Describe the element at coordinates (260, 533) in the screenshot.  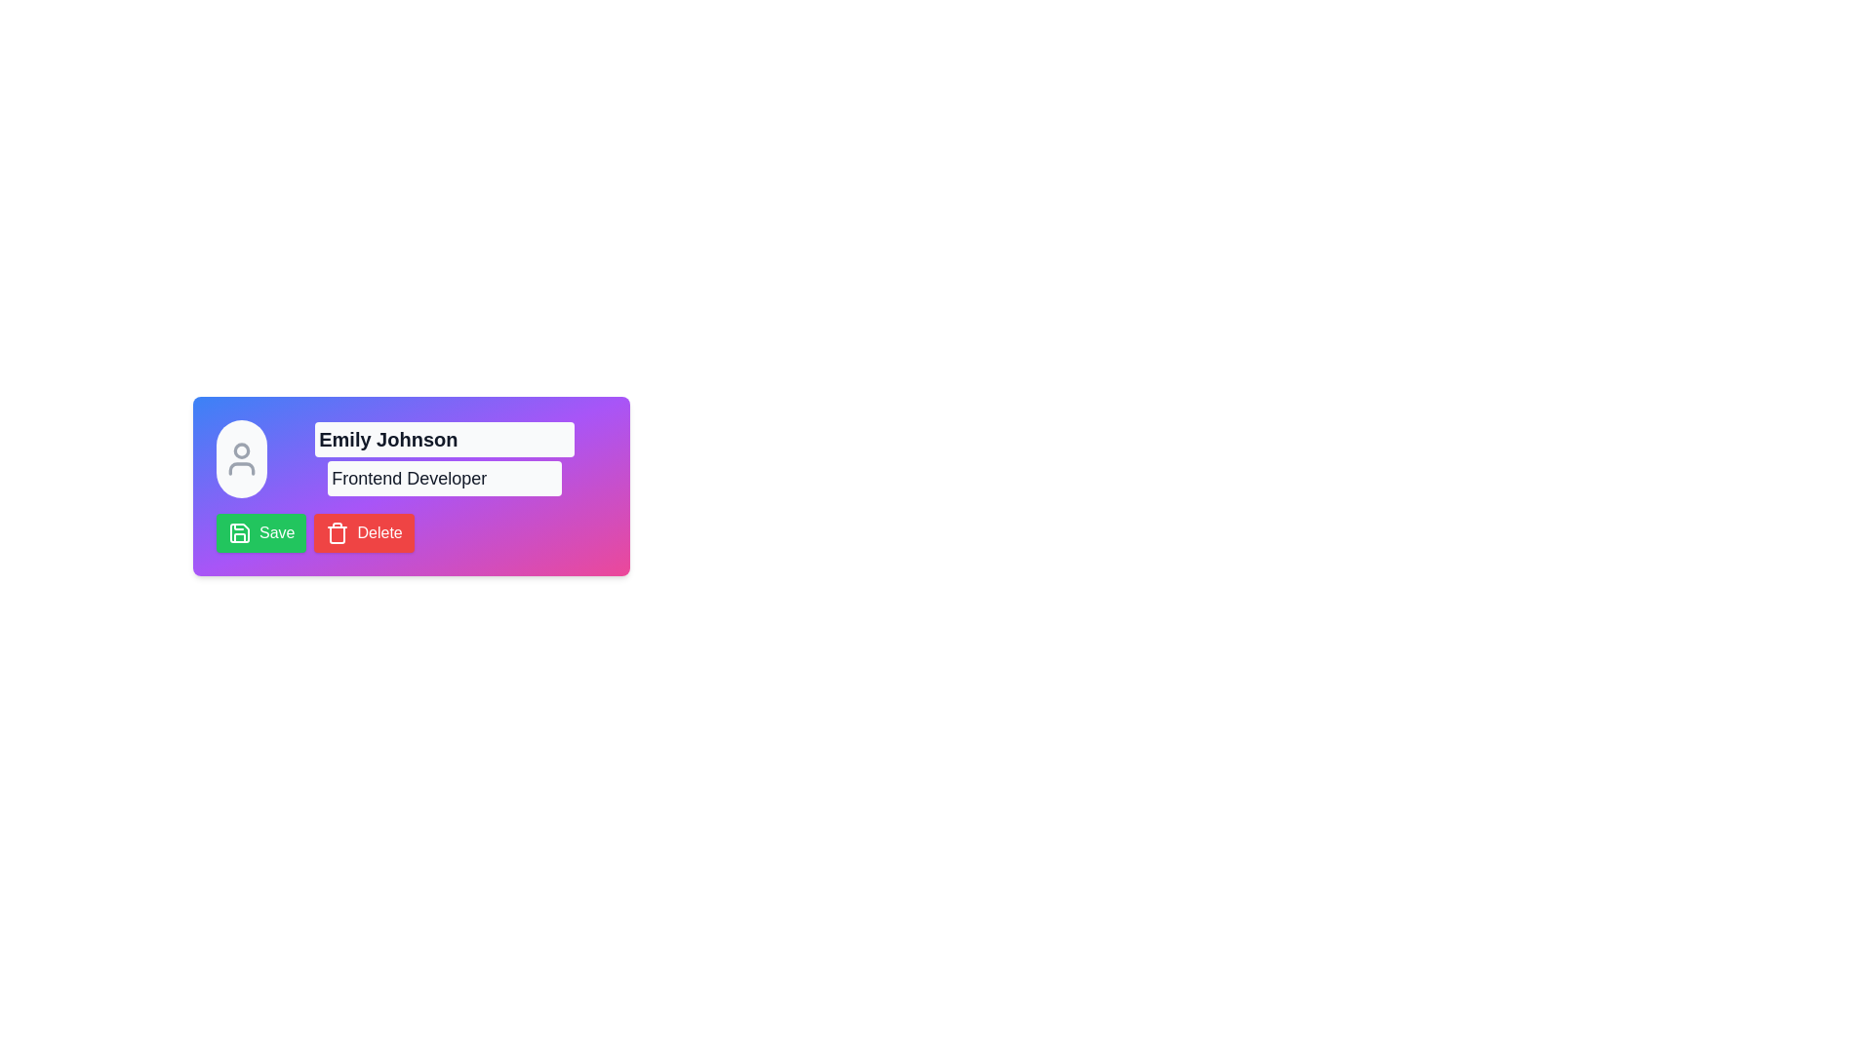
I see `the 'Save' button using the keyboard tab` at that location.